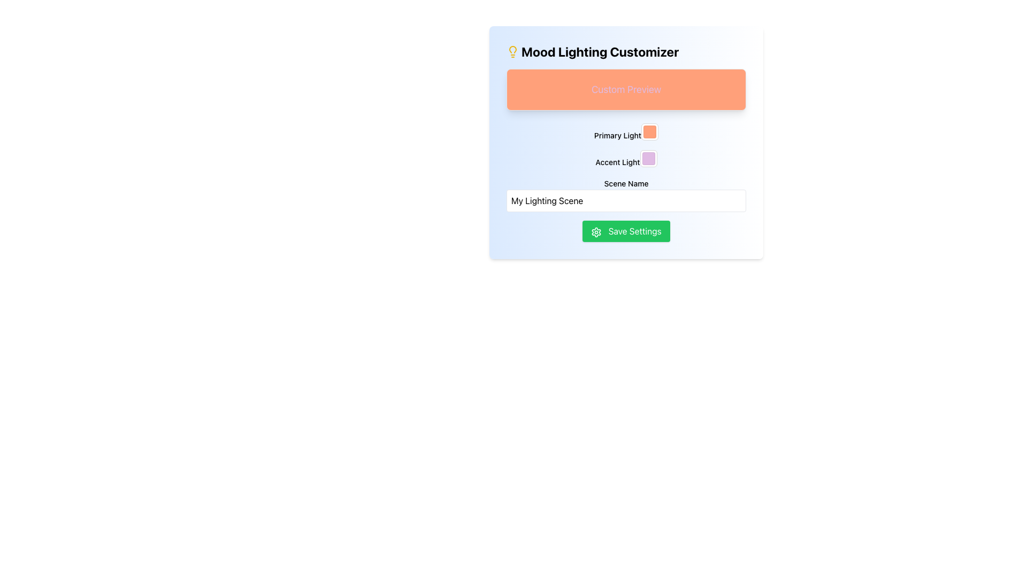  I want to click on the decorative save settings icon located within the green rectangular button labeled 'Save Settings', which is centrally aligned within the button, so click(596, 231).